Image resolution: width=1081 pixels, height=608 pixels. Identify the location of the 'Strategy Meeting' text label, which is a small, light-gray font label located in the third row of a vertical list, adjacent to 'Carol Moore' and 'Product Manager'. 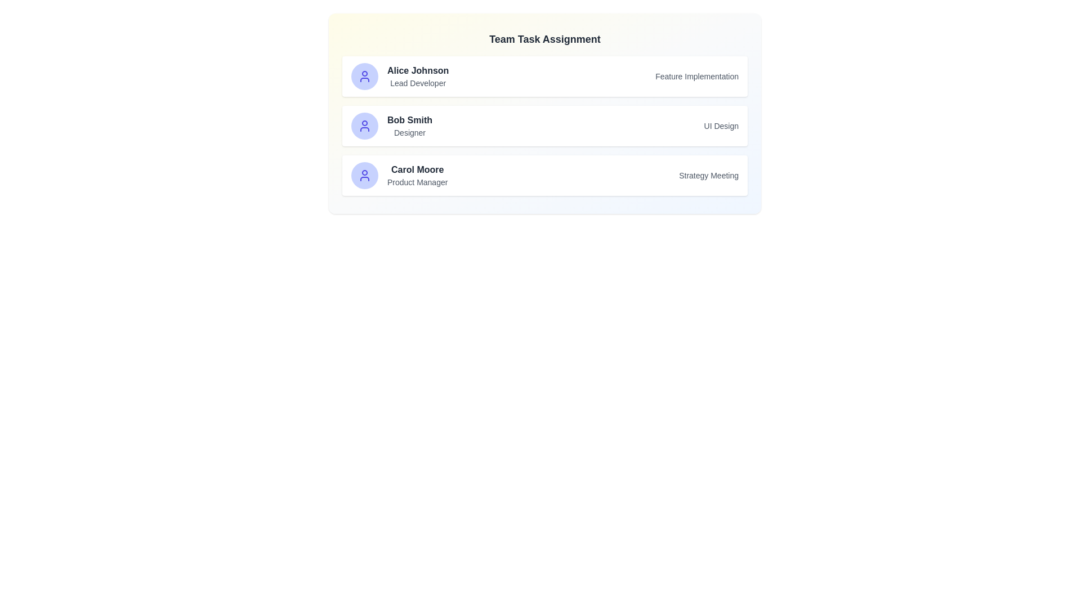
(708, 176).